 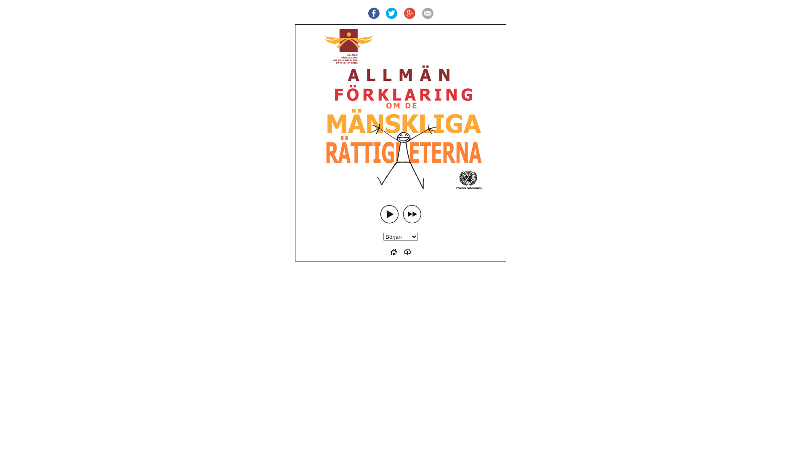 What do you see at coordinates (389, 214) in the screenshot?
I see `'Starta'` at bounding box center [389, 214].